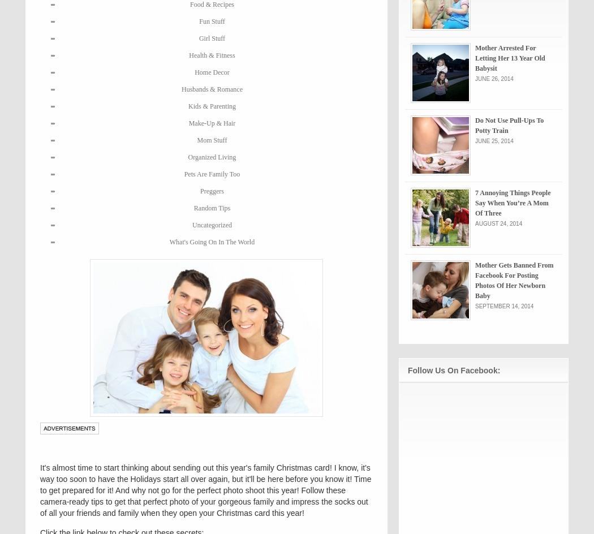  What do you see at coordinates (211, 122) in the screenshot?
I see `'Make-Up & Hair'` at bounding box center [211, 122].